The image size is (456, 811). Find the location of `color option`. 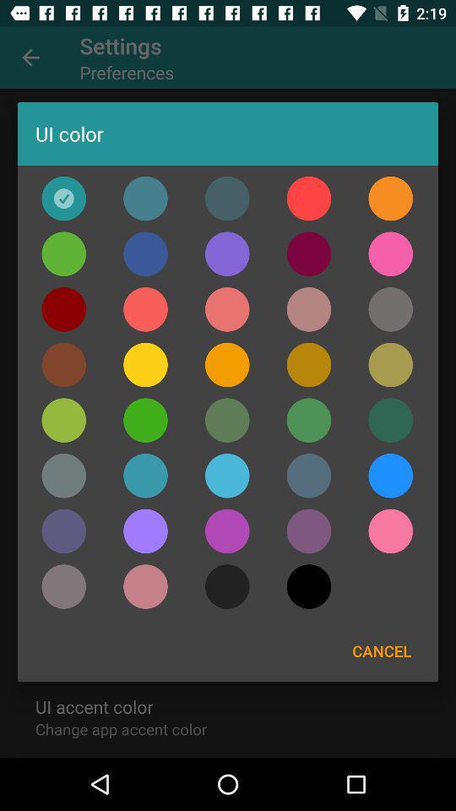

color option is located at coordinates (308, 253).